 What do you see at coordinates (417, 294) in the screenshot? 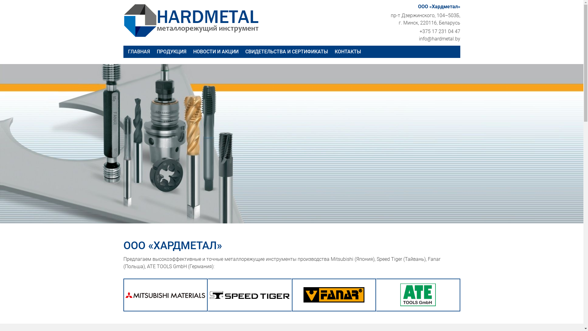
I see `'ate'` at bounding box center [417, 294].